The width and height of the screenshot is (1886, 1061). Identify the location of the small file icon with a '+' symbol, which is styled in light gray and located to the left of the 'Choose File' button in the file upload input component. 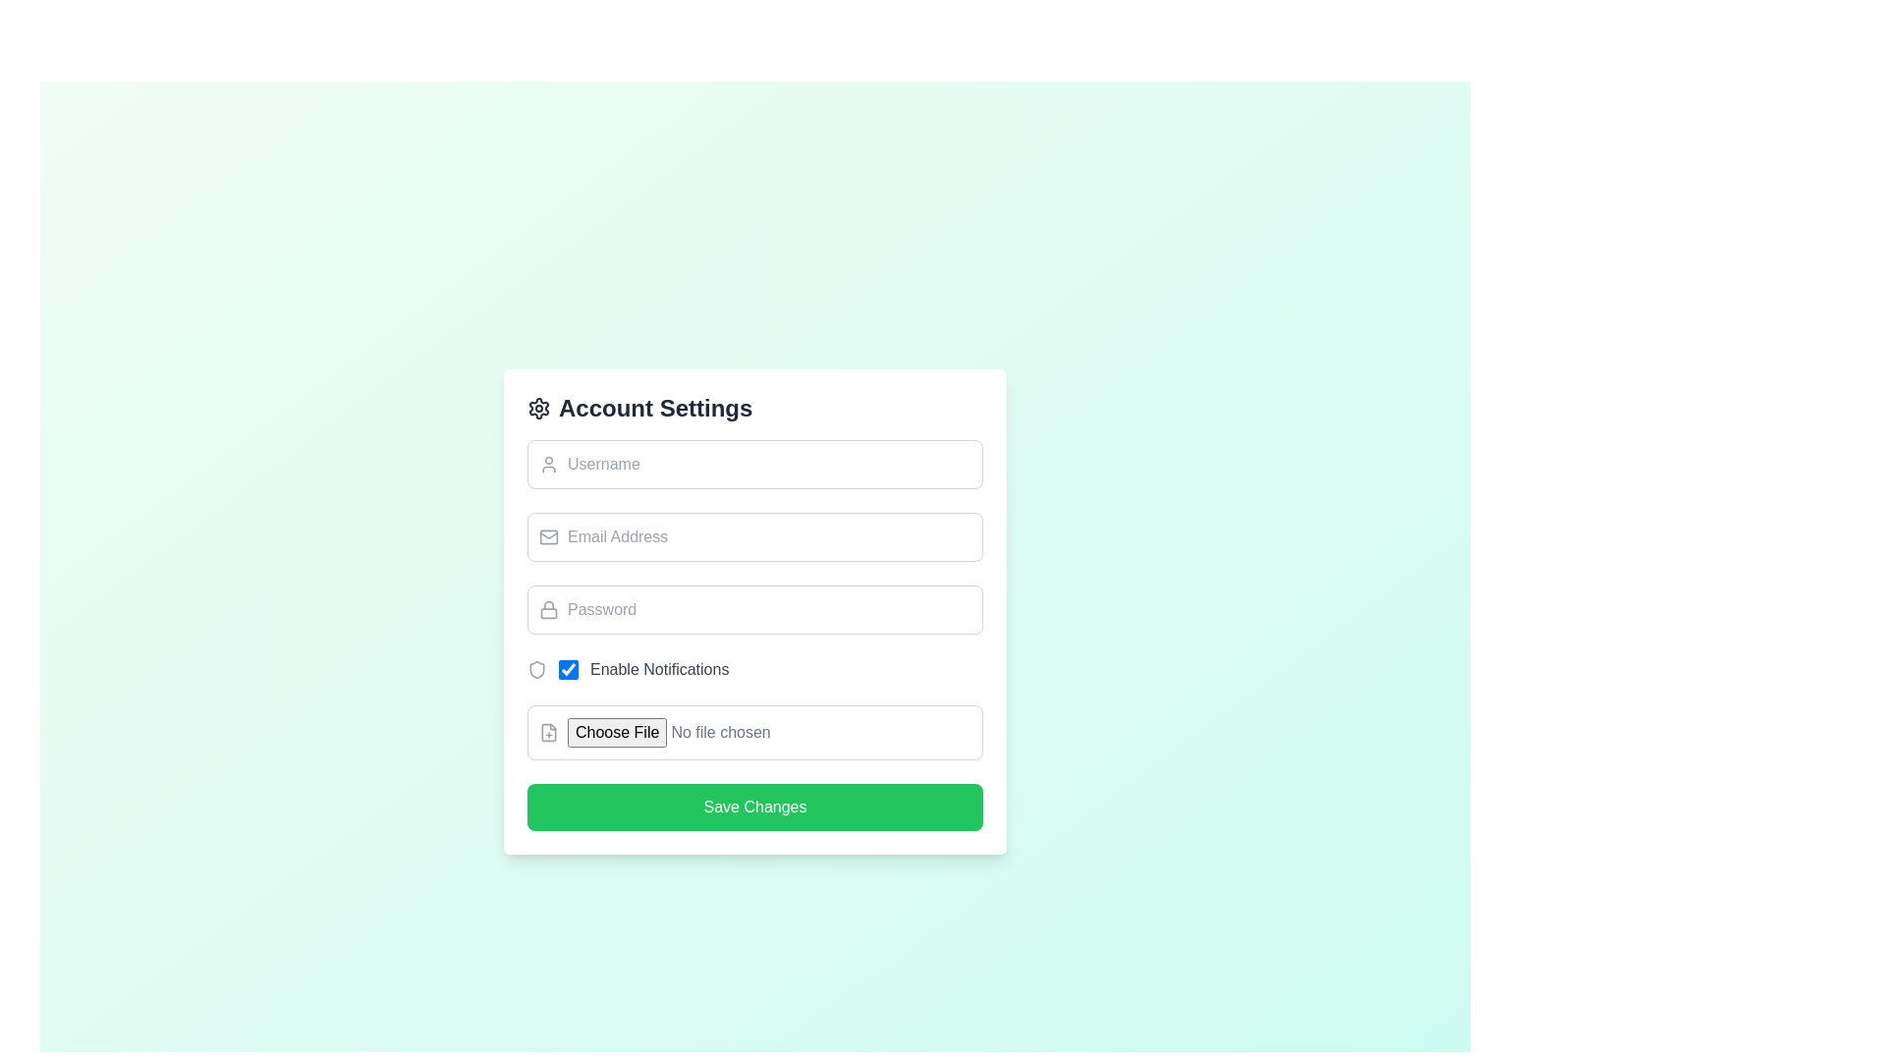
(548, 732).